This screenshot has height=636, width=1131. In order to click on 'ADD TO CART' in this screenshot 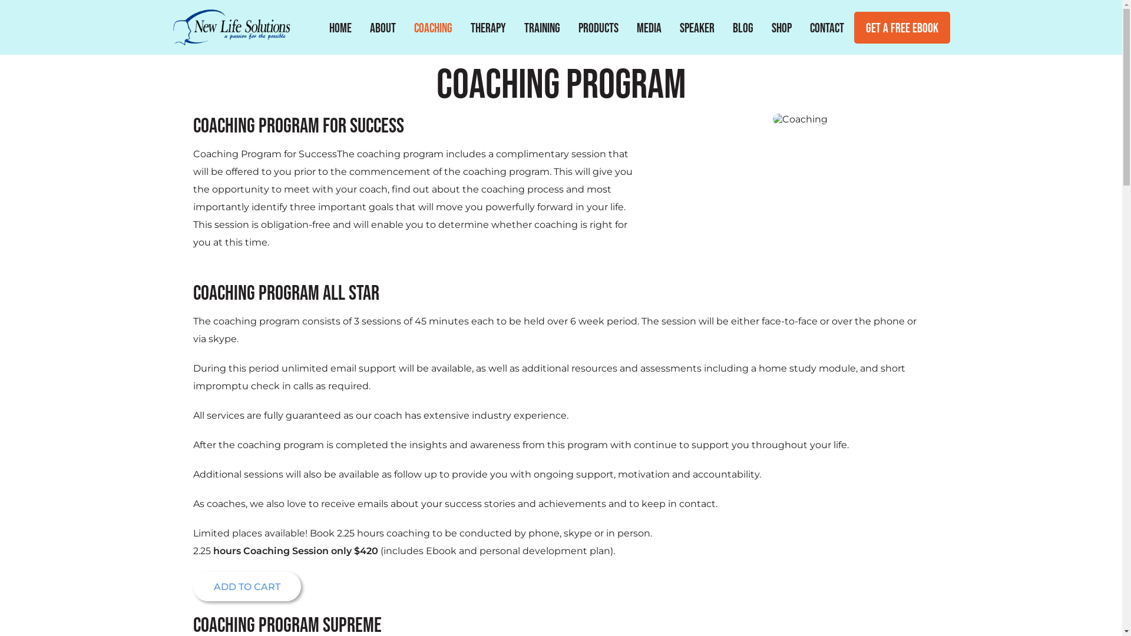, I will do `click(246, 586)`.